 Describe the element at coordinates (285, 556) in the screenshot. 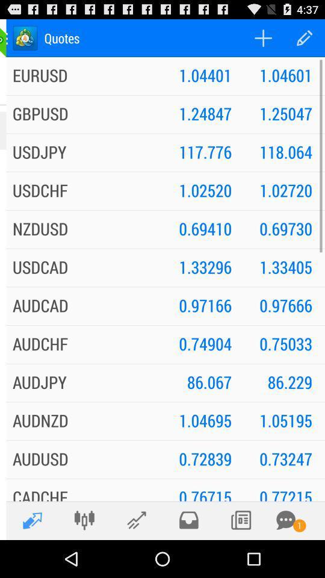

I see `the chat icon` at that location.